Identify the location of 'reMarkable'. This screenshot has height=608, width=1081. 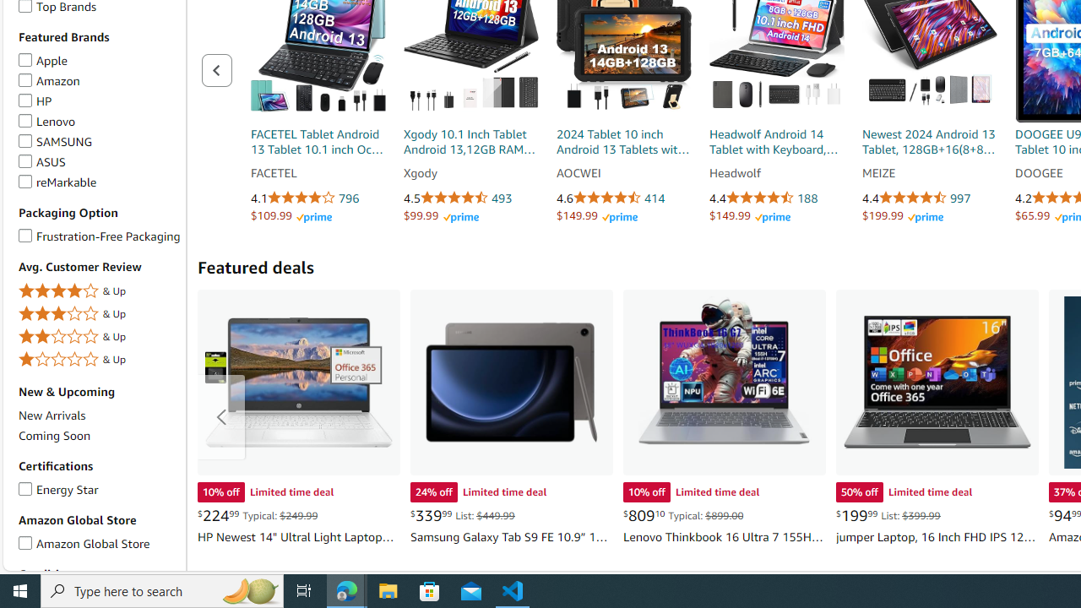
(25, 179).